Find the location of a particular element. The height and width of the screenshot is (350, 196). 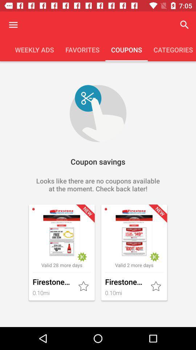

options button is located at coordinates (13, 25).